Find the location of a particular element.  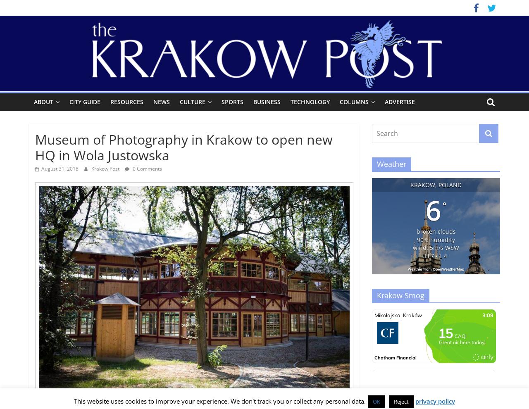

'Weather' is located at coordinates (391, 164).